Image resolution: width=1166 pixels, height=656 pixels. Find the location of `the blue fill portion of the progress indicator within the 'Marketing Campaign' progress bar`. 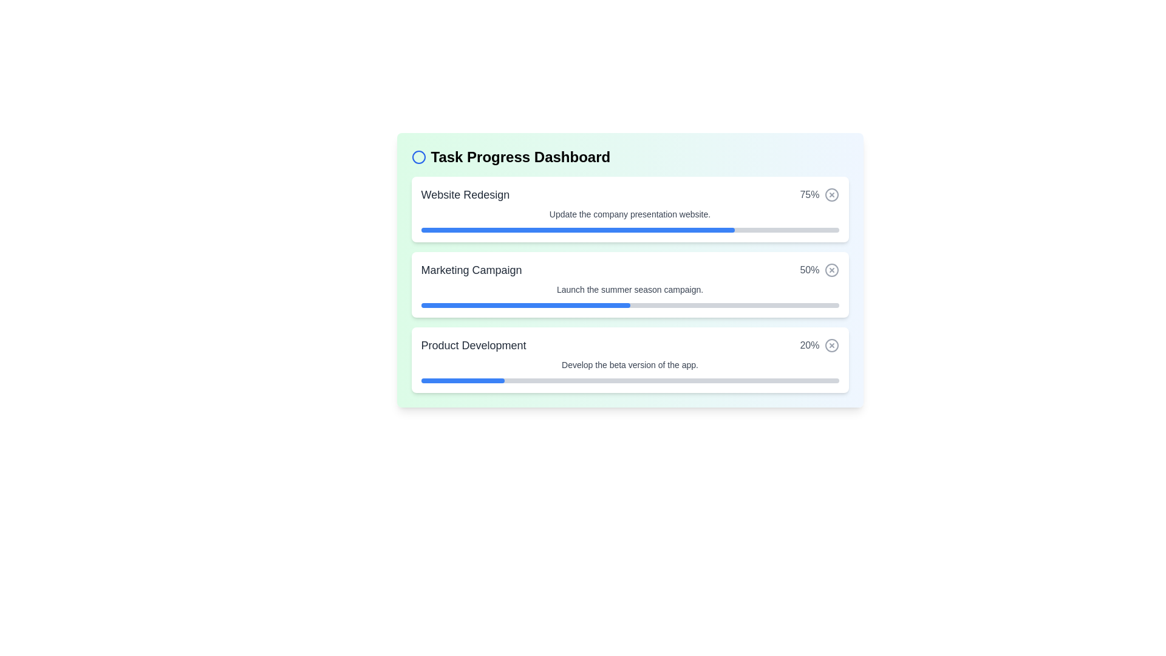

the blue fill portion of the progress indicator within the 'Marketing Campaign' progress bar is located at coordinates (525, 304).